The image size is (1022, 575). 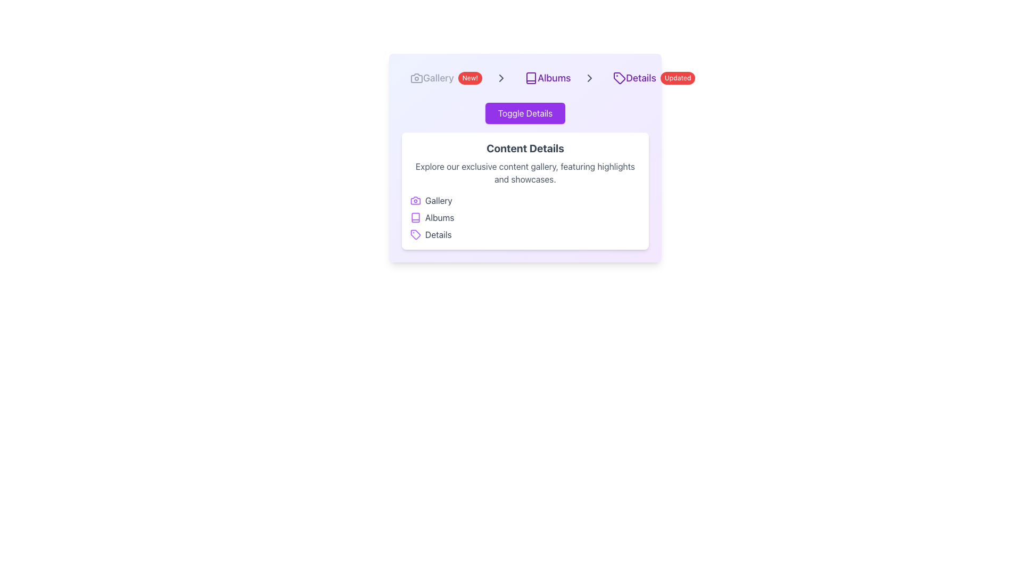 I want to click on the arrow icon located immediately to the right of the 'Albums' text in the breadcrumb navigation bar, which serves as a visual separator between 'Albums' and 'Details', so click(x=589, y=77).